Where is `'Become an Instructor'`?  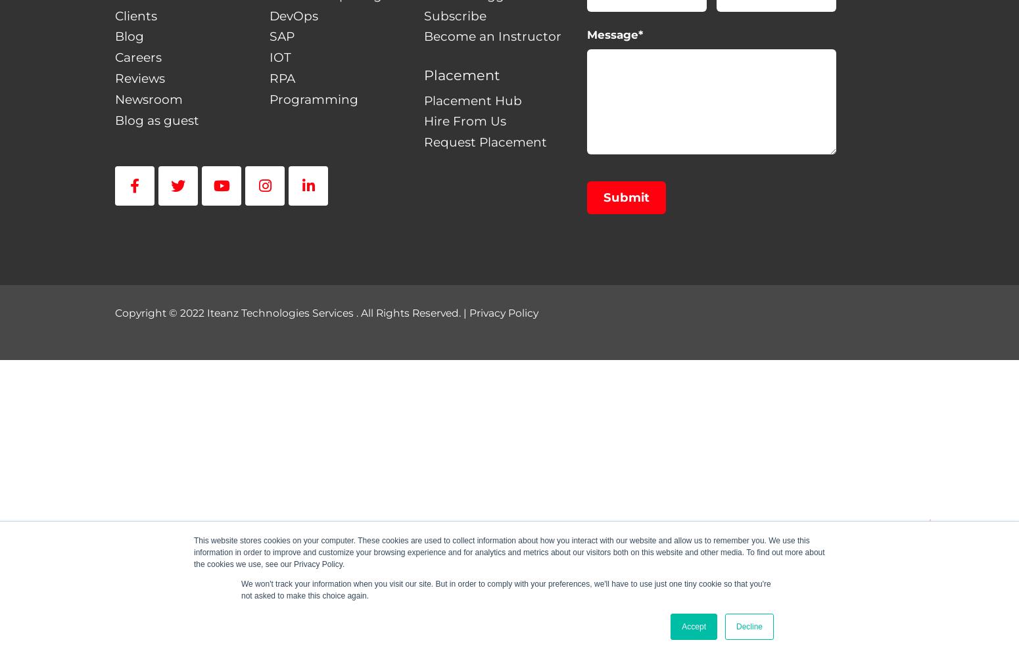 'Become an Instructor' is located at coordinates (492, 36).